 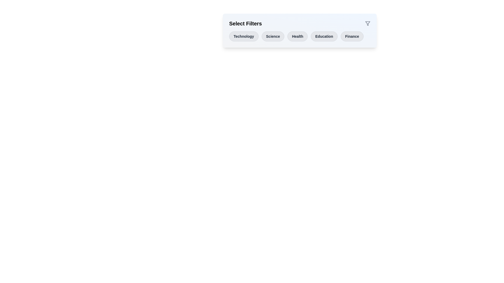 I want to click on the button labeled Finance to observe its hover effect, so click(x=352, y=36).